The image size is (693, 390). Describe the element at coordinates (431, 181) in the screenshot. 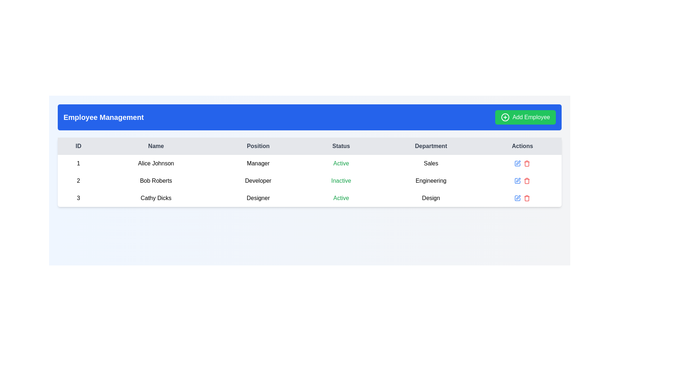

I see `the text label displaying the department value 'Engineering' for employee Bob Roberts, located in the fifth column of the second row in the table` at that location.